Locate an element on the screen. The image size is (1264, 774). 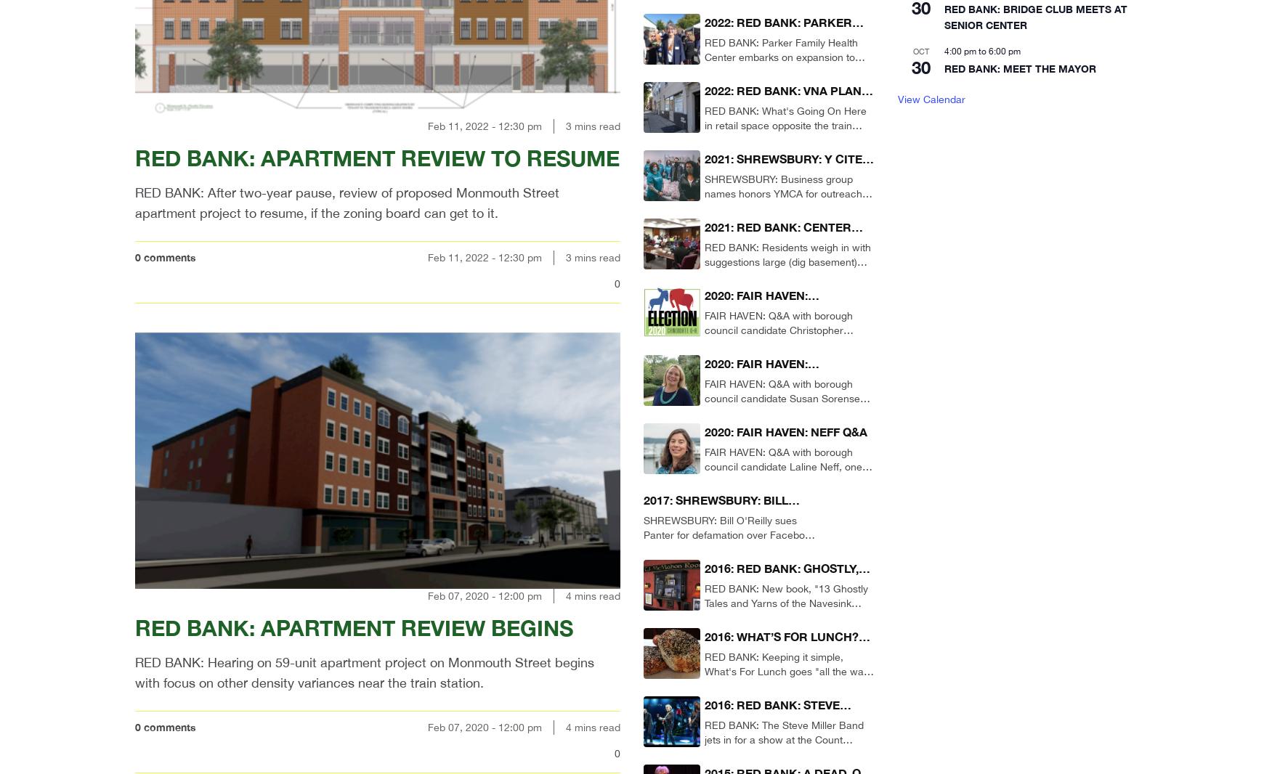
'FAIR HAVEN: Q&A with borough council candidate Susan Sorensen, one of three contenders in this year's race for two seats.' is located at coordinates (704, 405).